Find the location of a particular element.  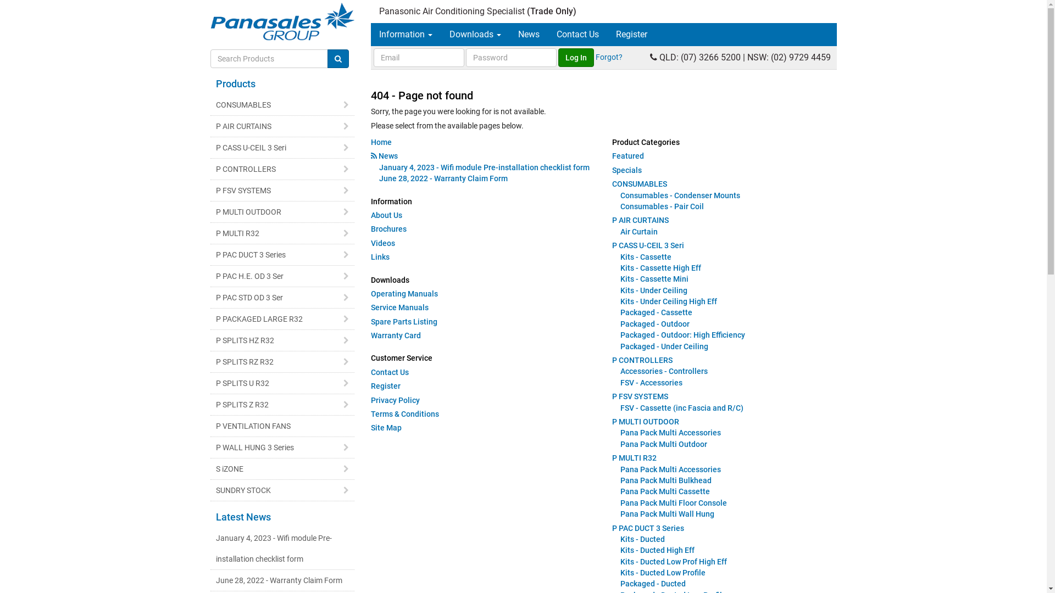

'Featured' is located at coordinates (628, 156).